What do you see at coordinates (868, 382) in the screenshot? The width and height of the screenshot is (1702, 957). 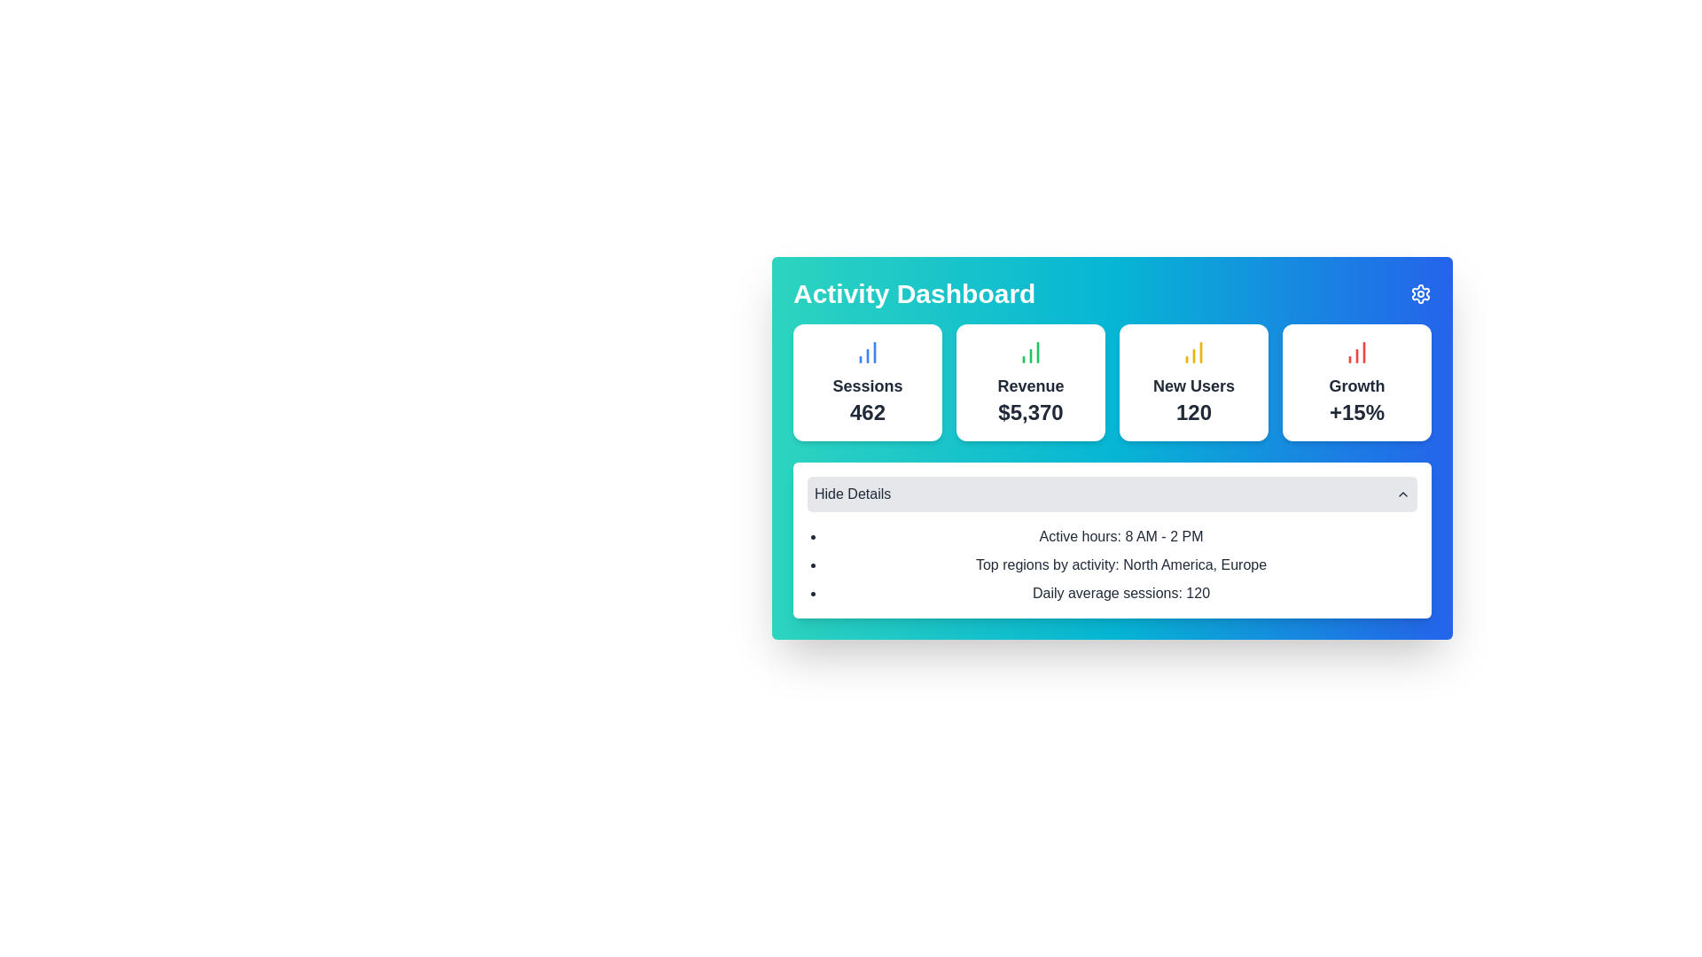 I see `the Informative display card showing the session count of '462', which is the first card in a row of four cards near the top of the dashboard` at bounding box center [868, 382].